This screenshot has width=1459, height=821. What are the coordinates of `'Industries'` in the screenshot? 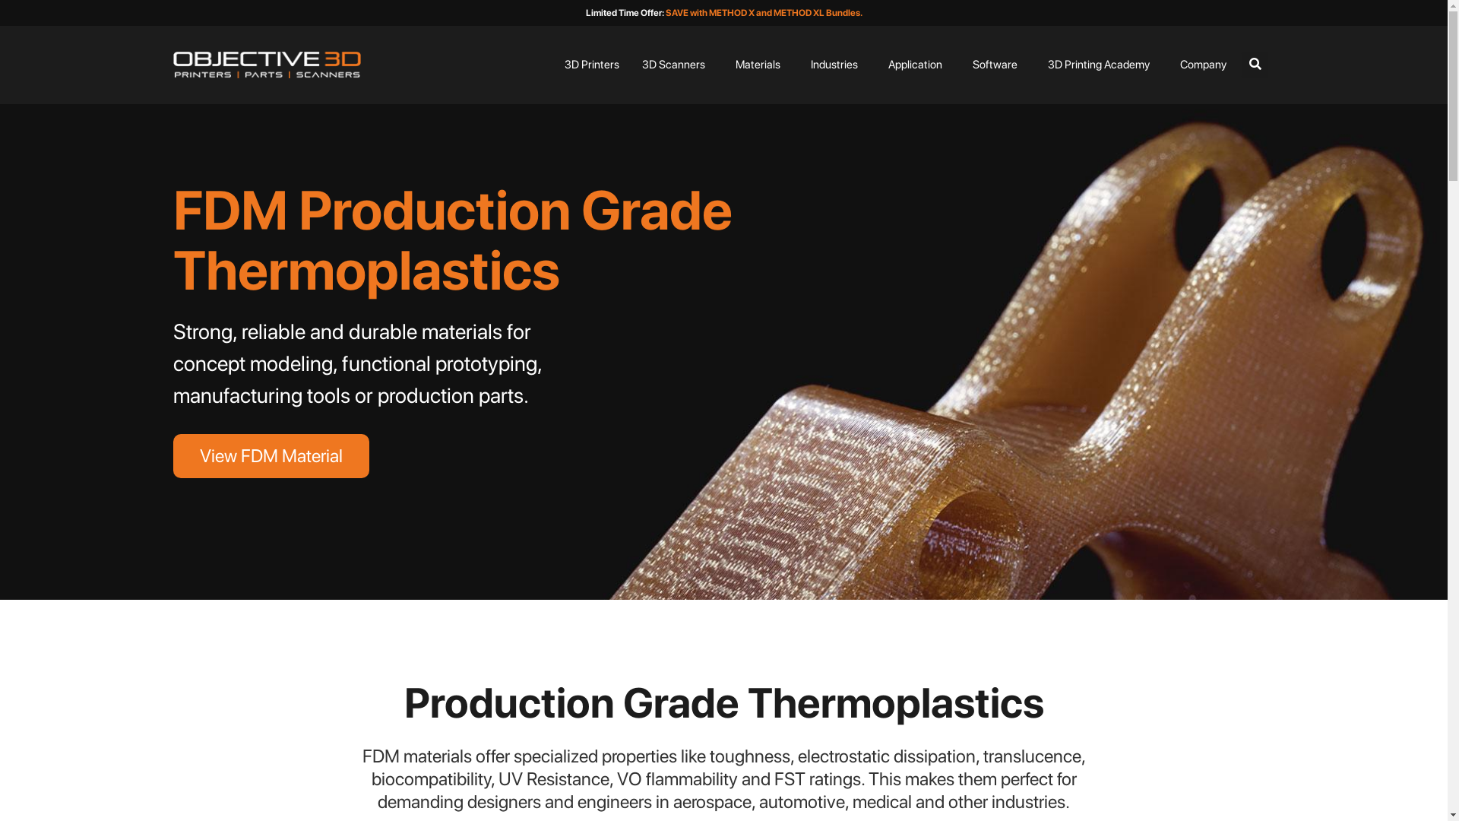 It's located at (834, 64).